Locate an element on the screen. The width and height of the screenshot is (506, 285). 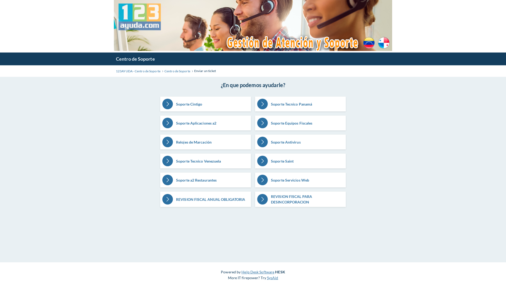
'SysAid' is located at coordinates (267, 277).